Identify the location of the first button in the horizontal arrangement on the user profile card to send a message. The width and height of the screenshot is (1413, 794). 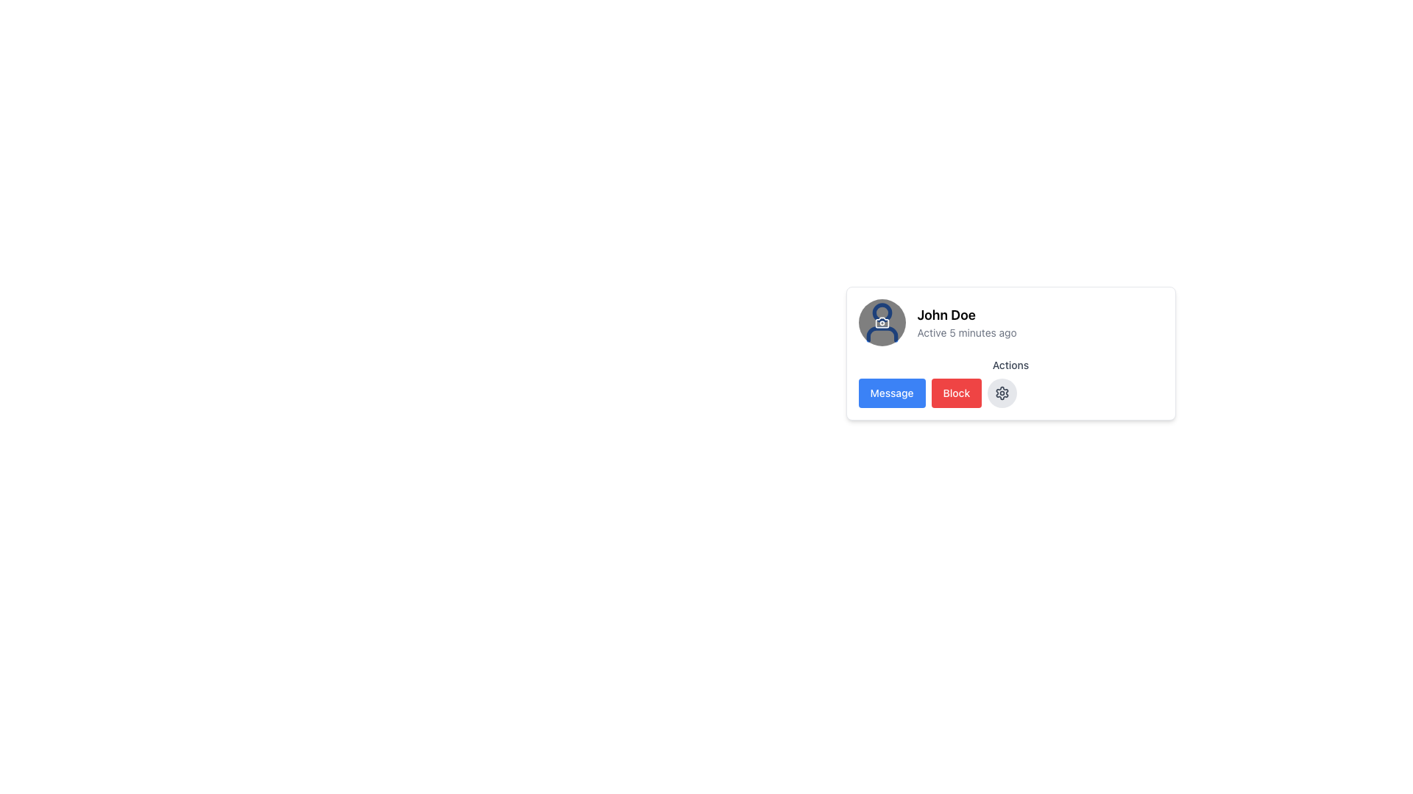
(891, 393).